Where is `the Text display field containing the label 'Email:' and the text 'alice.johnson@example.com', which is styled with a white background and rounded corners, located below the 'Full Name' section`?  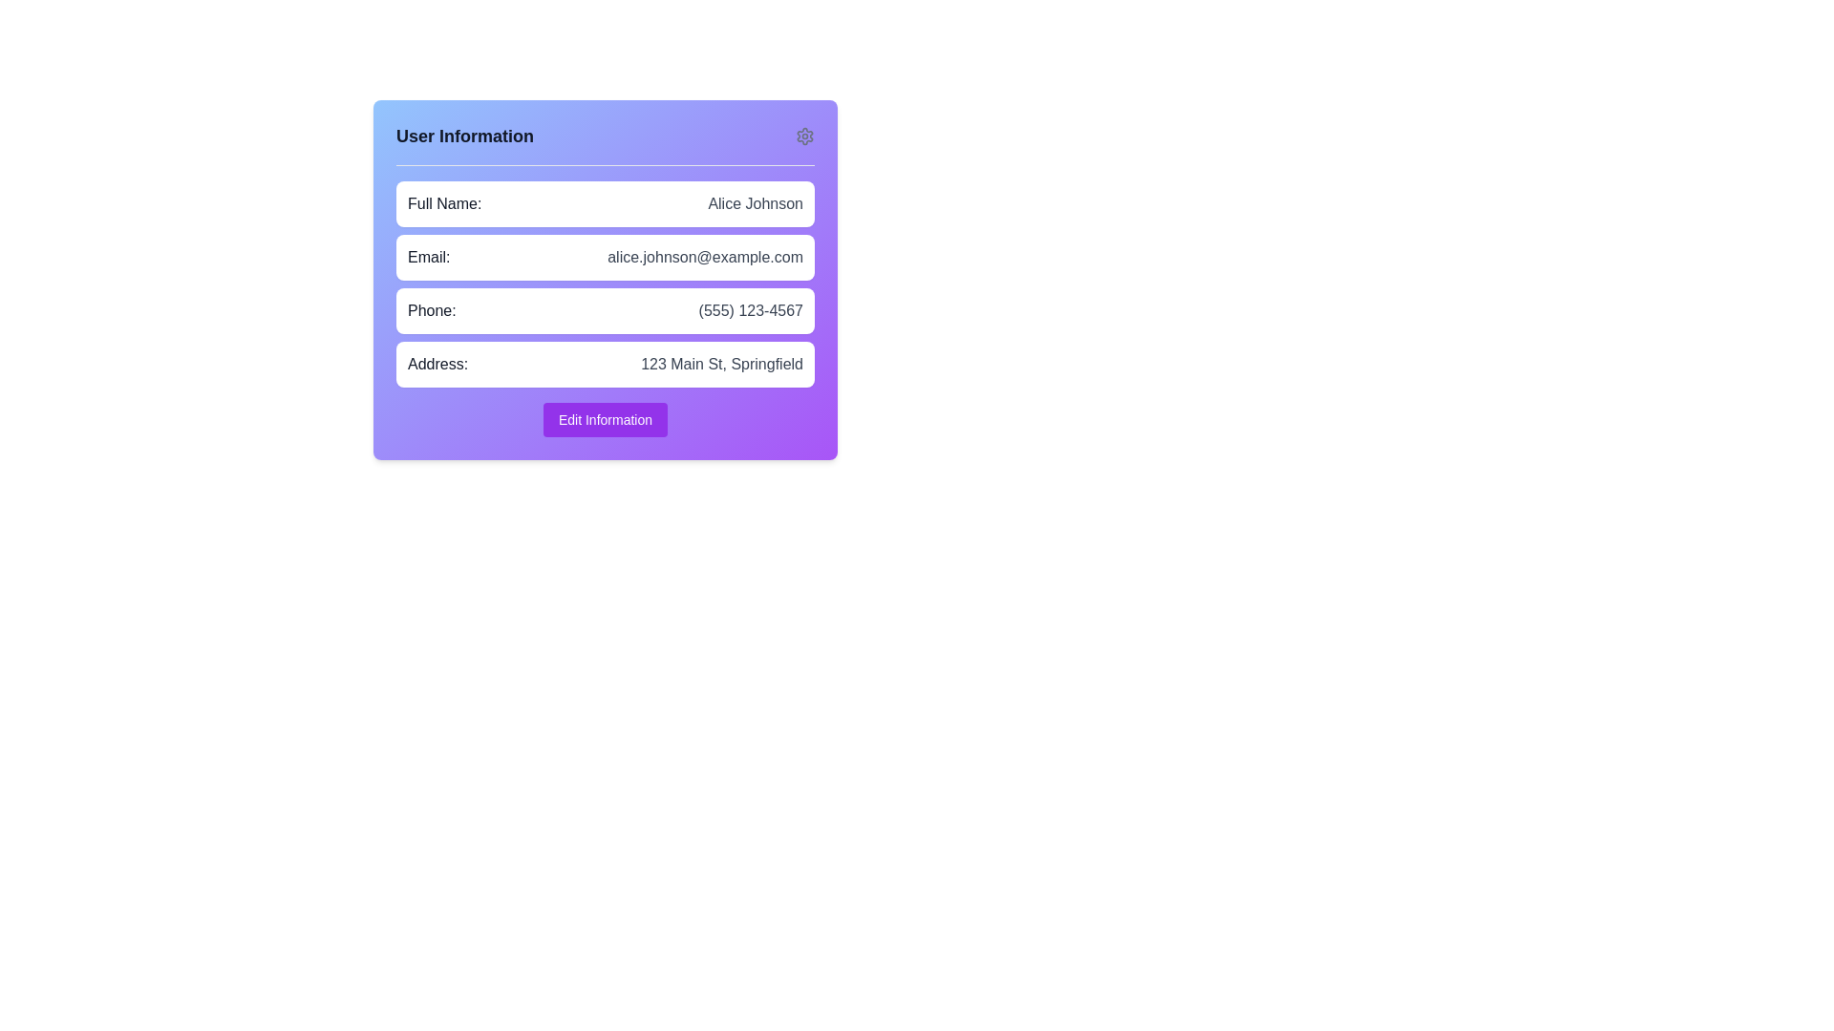
the Text display field containing the label 'Email:' and the text 'alice.johnson@example.com', which is styled with a white background and rounded corners, located below the 'Full Name' section is located at coordinates (604, 258).